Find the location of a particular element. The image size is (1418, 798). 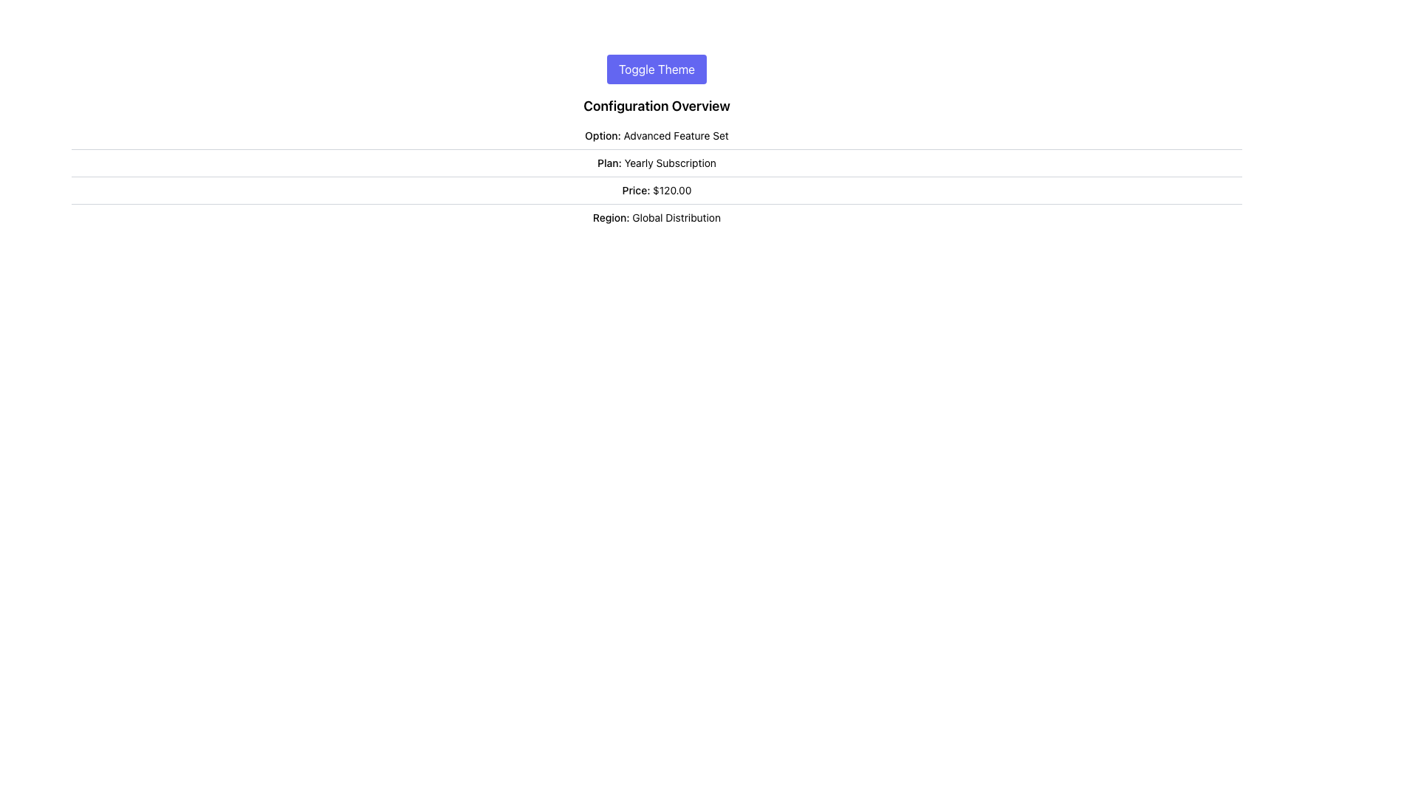

the static text label displaying 'Plan:' located in the Configuration Overview section, which is the first inline text component in the 'Plan: Yearly Subscription' row is located at coordinates (611, 163).